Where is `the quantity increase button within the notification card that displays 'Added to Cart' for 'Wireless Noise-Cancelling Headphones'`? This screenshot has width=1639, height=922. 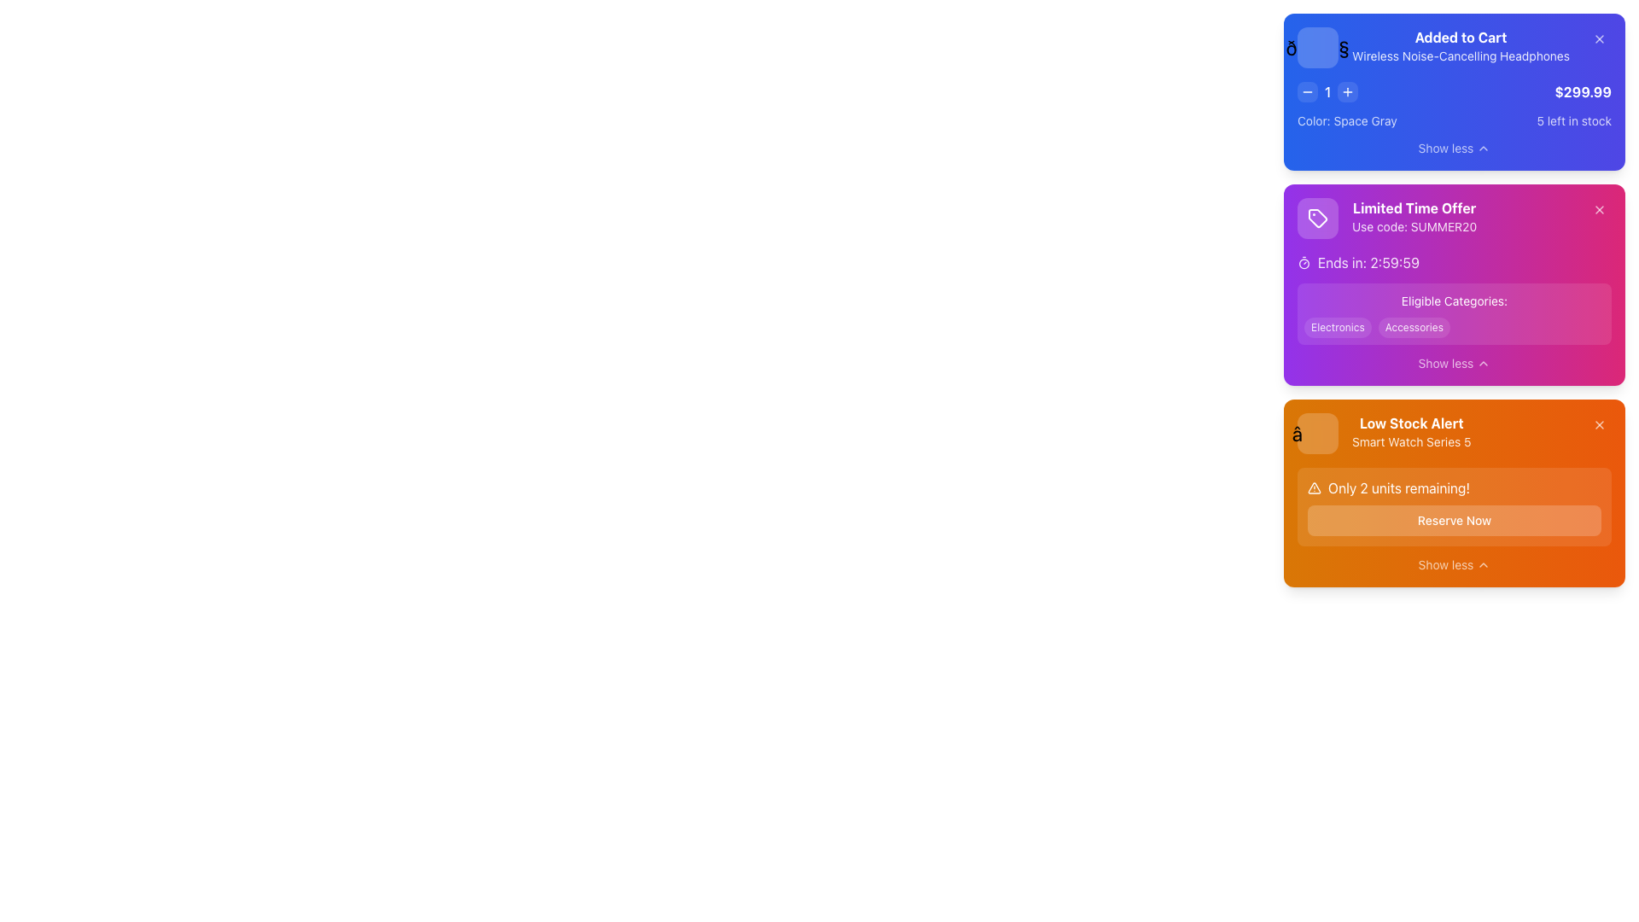 the quantity increase button within the notification card that displays 'Added to Cart' for 'Wireless Noise-Cancelling Headphones' is located at coordinates (1454, 92).